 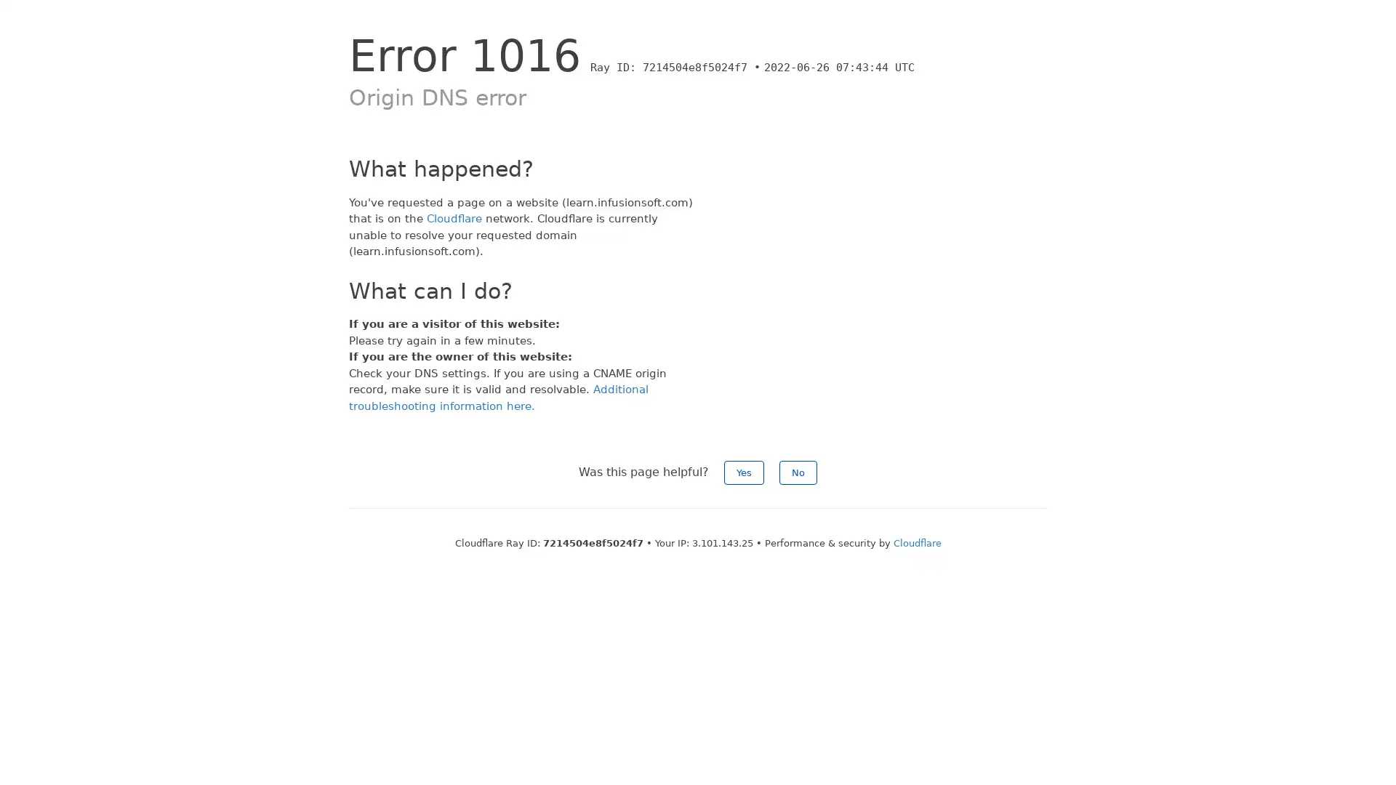 What do you see at coordinates (798, 472) in the screenshot?
I see `No` at bounding box center [798, 472].